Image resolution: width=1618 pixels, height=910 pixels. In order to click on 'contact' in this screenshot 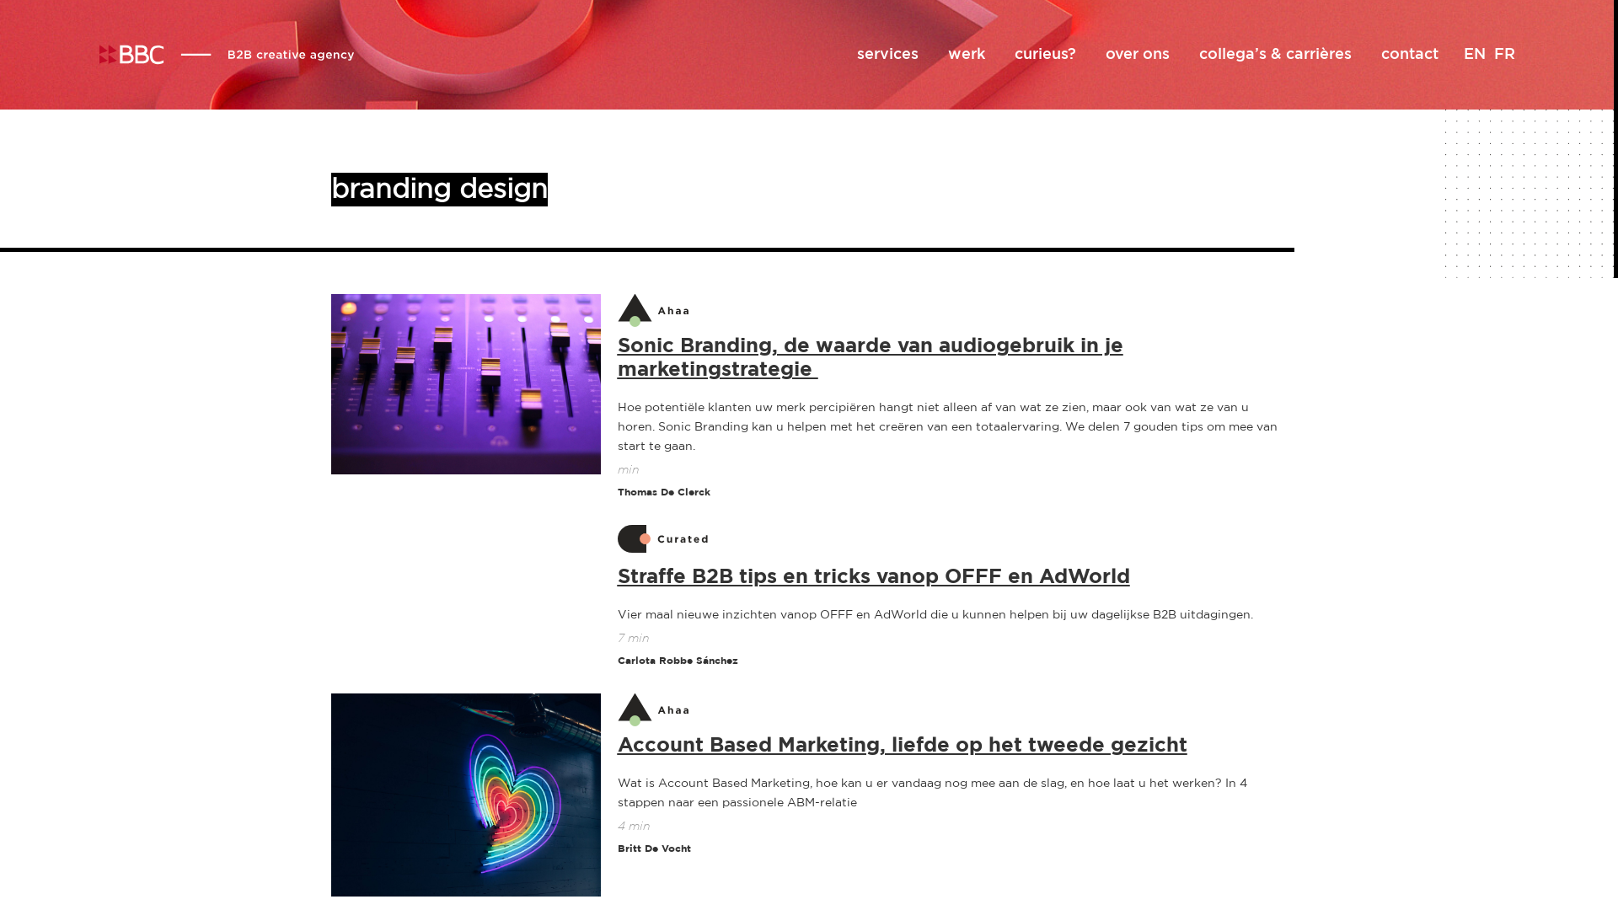, I will do `click(1408, 54)`.